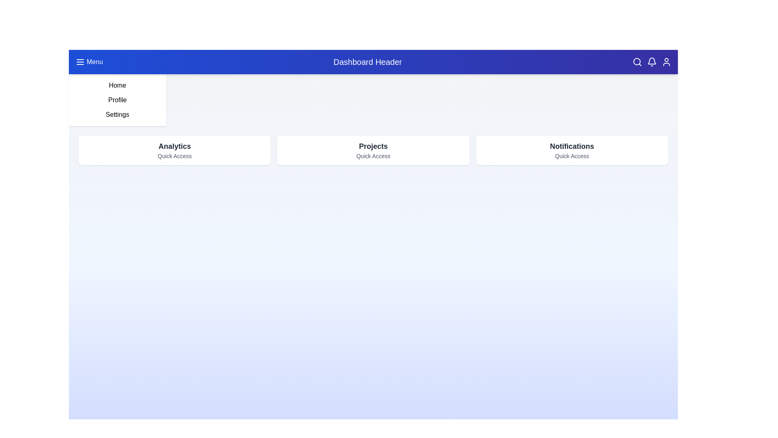 The width and height of the screenshot is (778, 438). I want to click on the search button to activate the search functionality, so click(637, 62).